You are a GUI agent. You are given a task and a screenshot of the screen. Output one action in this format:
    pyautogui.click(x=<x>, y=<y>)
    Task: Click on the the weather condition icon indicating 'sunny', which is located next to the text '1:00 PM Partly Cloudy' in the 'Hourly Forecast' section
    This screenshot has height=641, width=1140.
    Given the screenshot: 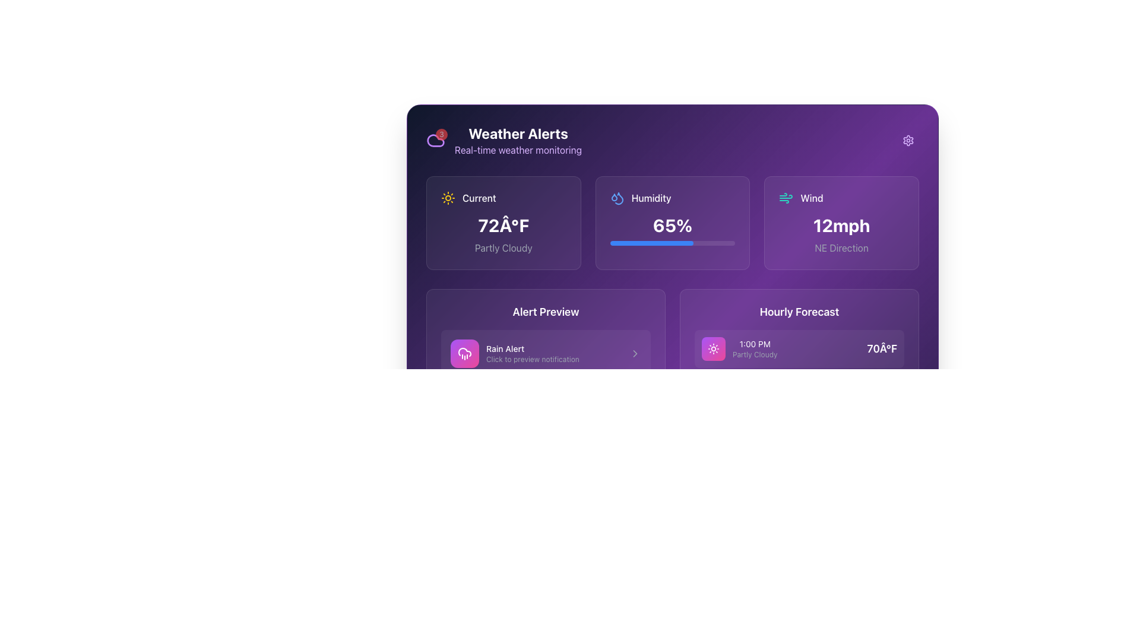 What is the action you would take?
    pyautogui.click(x=712, y=348)
    